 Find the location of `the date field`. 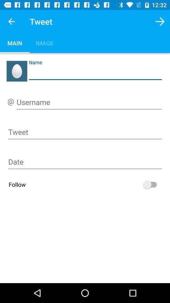

the date field is located at coordinates (85, 163).